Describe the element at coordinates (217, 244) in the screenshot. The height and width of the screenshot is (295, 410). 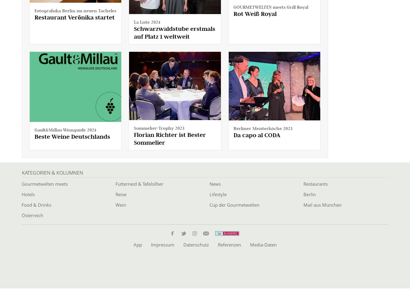
I see `'Referenzen'` at that location.